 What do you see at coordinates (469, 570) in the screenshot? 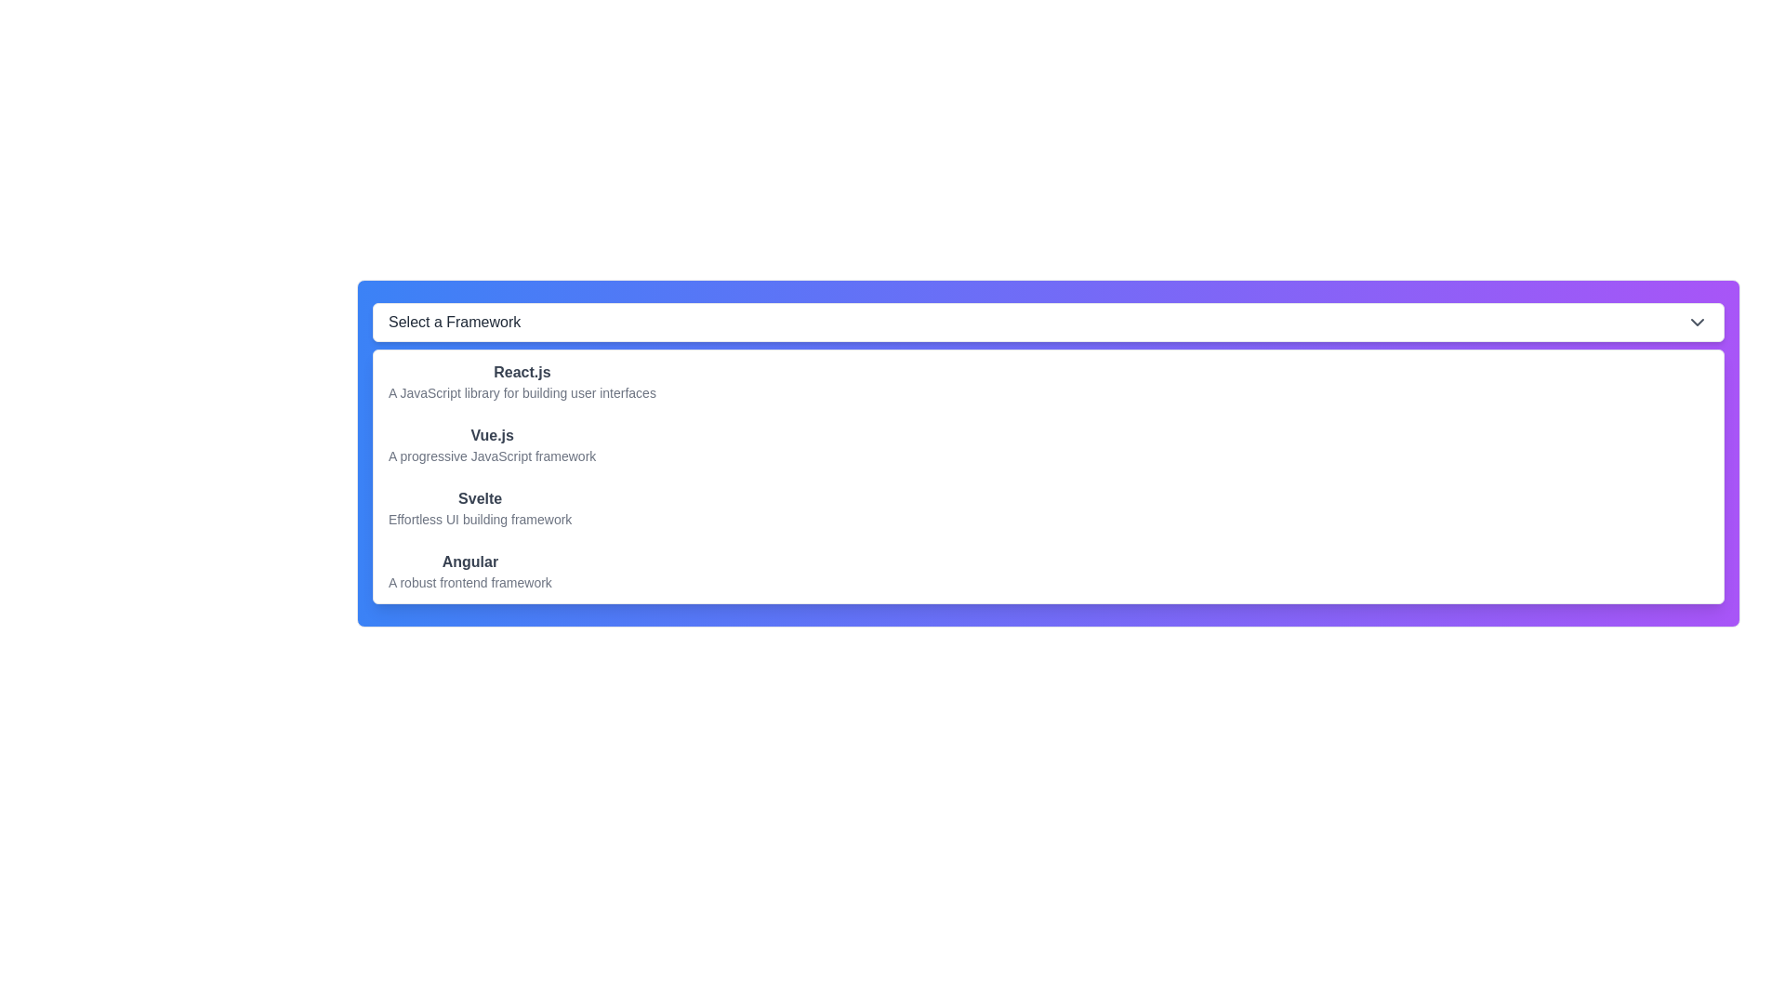
I see `the 'Angular' option in the dropdown menu under 'Select a Framework'` at bounding box center [469, 570].